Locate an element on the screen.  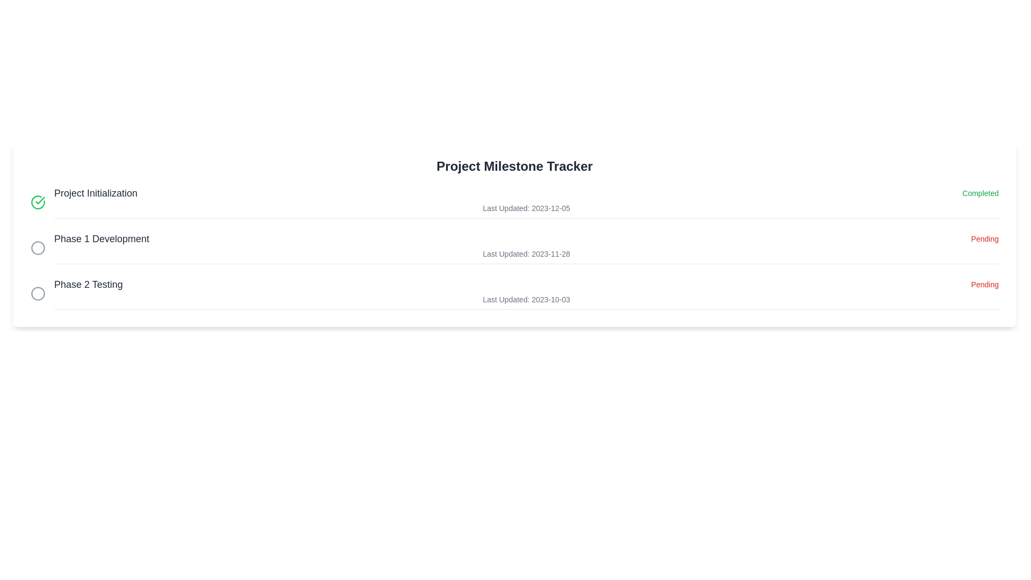
the structured informational display element labeled 'Phase 1 Development Pending', which is the second item in the milestone list under 'Project Milestone Tracker' is located at coordinates (526, 238).